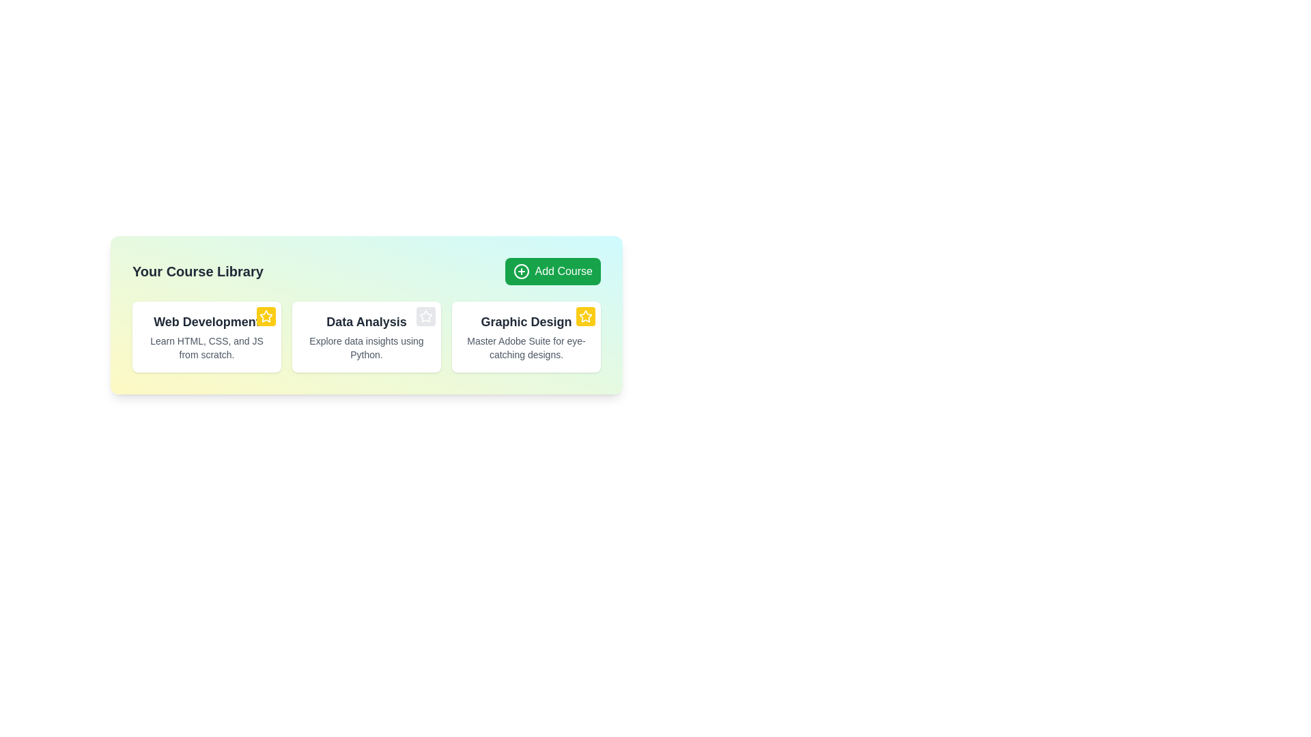  I want to click on the graphical circle that outlines the plus sign icon within the 'Add Course' button, located at the top-right of the interface, so click(520, 271).